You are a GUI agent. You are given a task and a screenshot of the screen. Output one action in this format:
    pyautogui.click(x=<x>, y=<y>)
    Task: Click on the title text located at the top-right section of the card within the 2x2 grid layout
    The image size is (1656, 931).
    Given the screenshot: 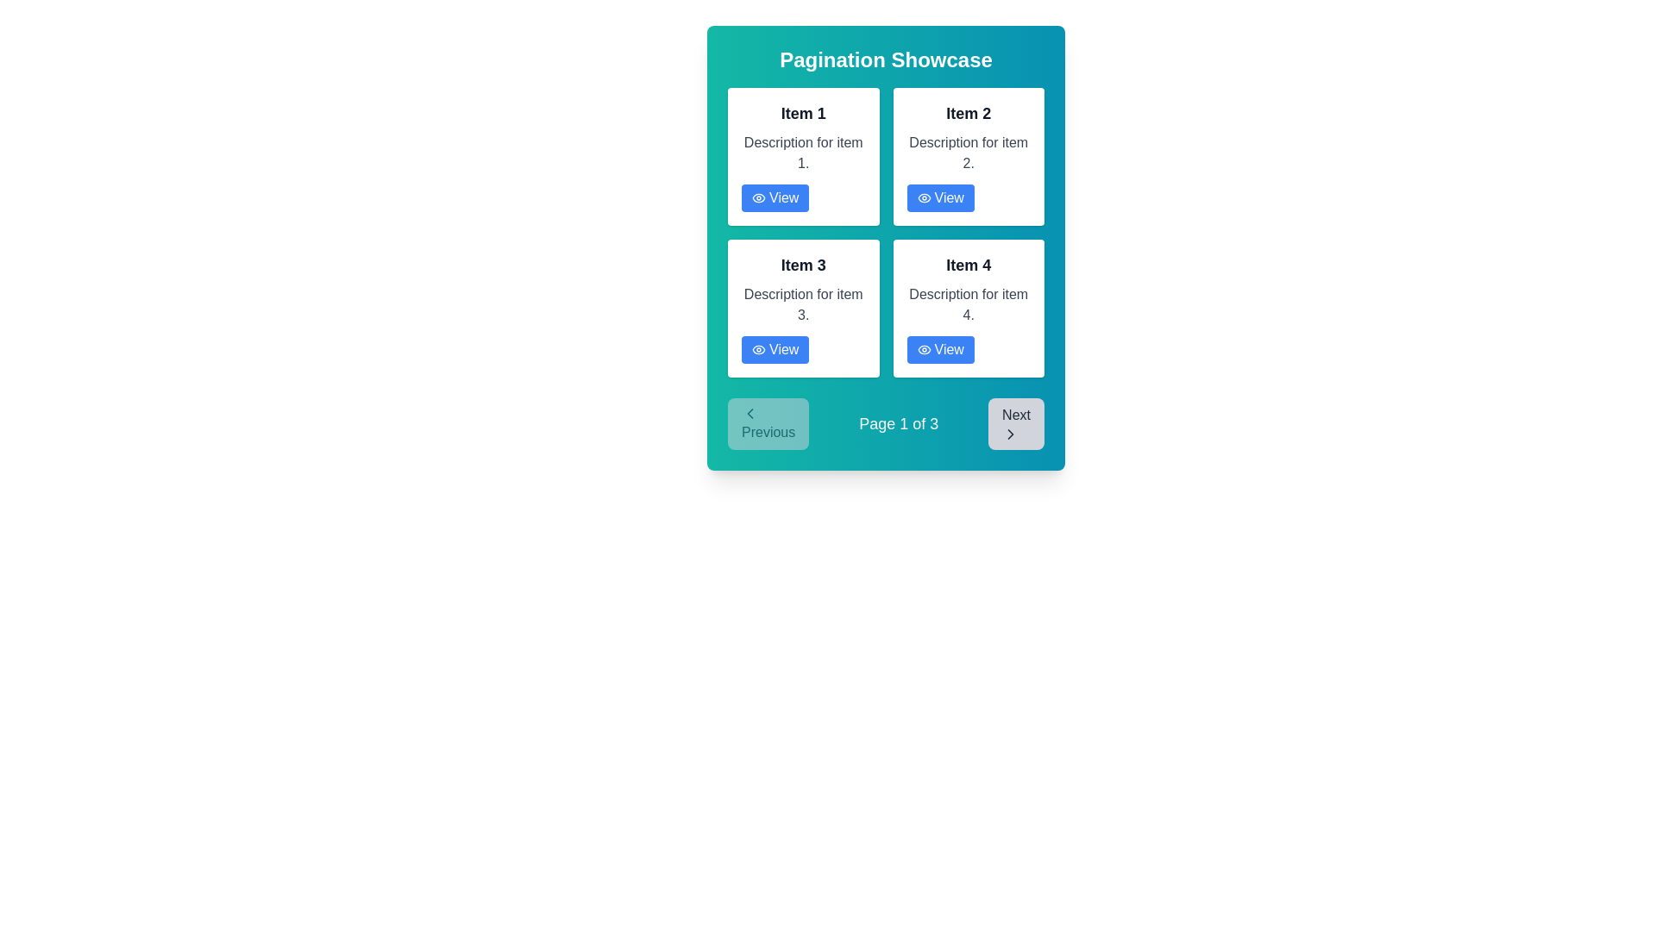 What is the action you would take?
    pyautogui.click(x=969, y=113)
    